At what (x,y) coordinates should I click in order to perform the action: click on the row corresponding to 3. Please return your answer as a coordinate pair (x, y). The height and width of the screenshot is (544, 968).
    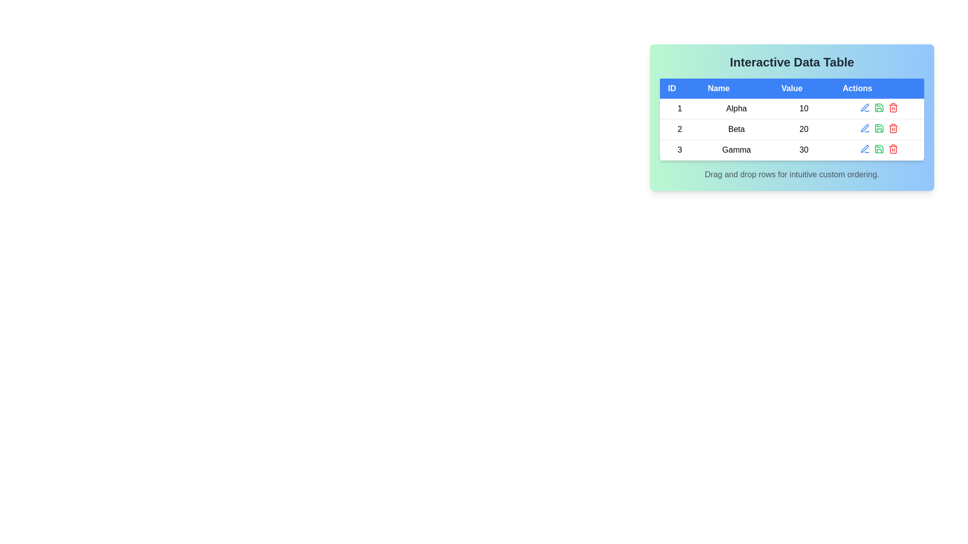
    Looking at the image, I should click on (791, 150).